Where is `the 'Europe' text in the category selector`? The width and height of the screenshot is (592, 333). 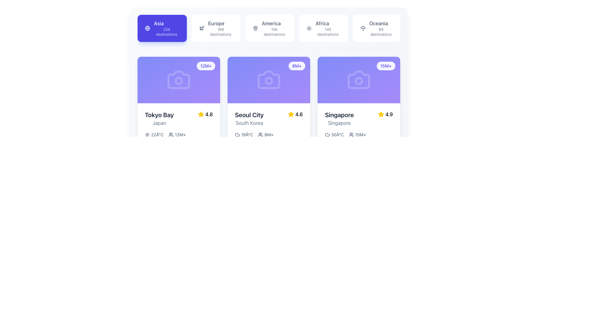 the 'Europe' text in the category selector is located at coordinates (220, 28).